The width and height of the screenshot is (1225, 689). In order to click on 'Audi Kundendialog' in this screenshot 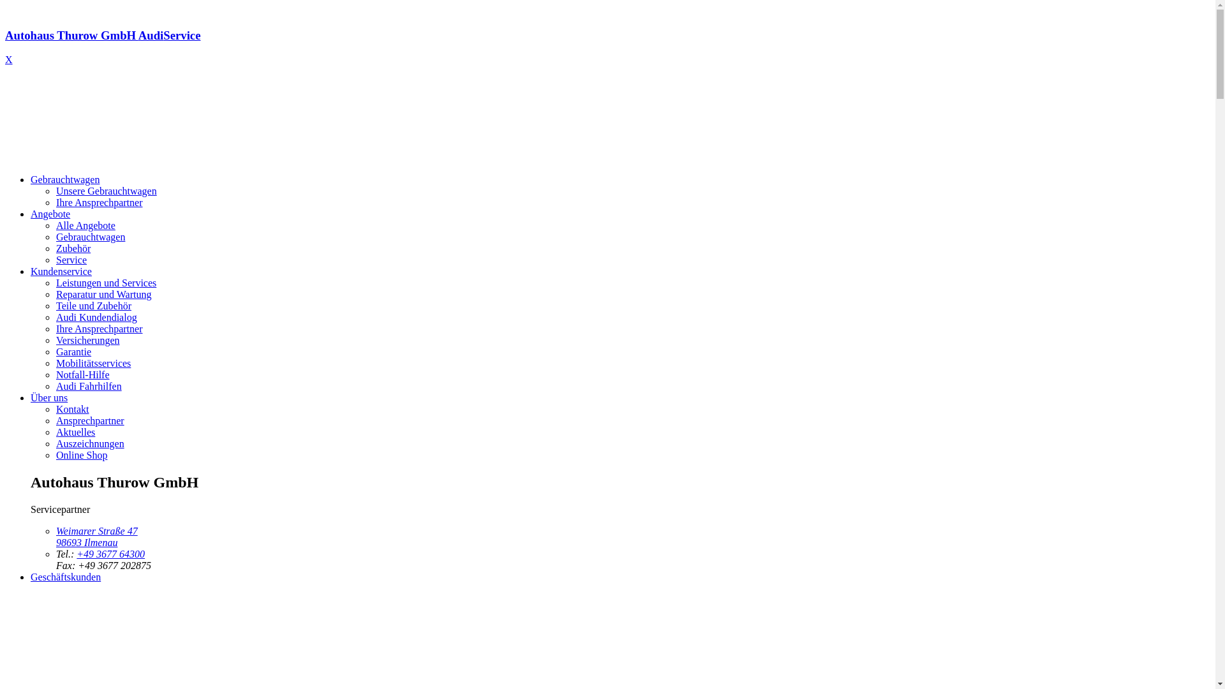, I will do `click(55, 316)`.